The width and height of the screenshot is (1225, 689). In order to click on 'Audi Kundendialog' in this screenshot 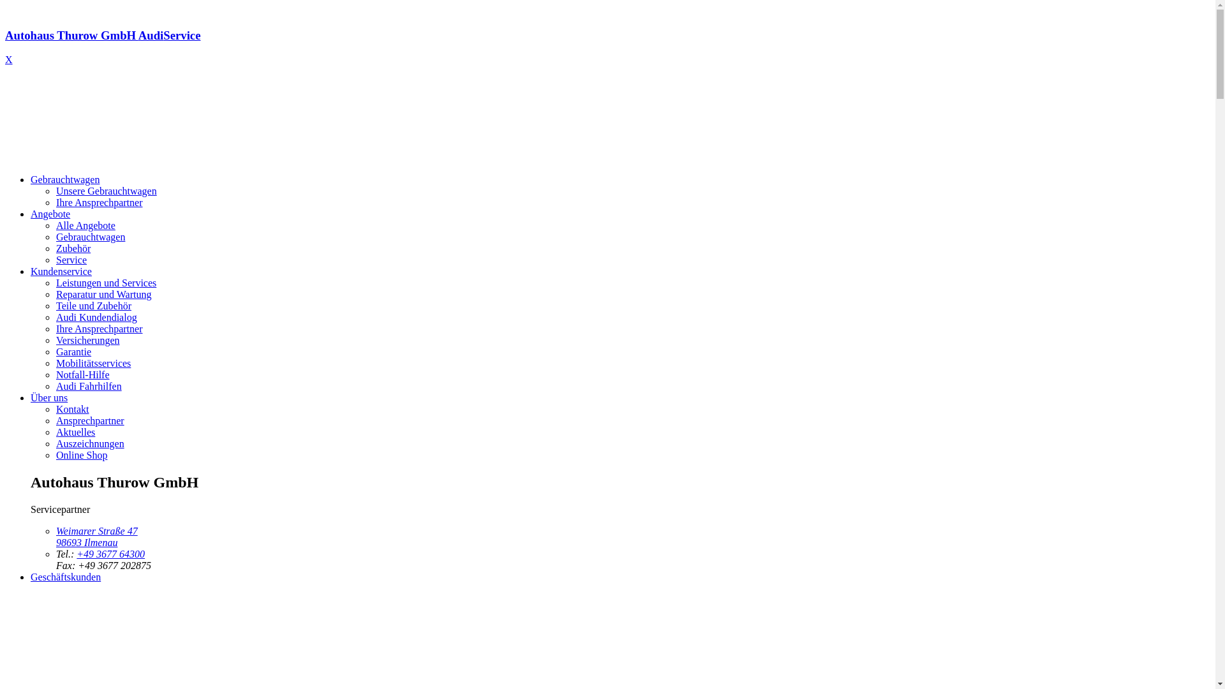, I will do `click(55, 316)`.